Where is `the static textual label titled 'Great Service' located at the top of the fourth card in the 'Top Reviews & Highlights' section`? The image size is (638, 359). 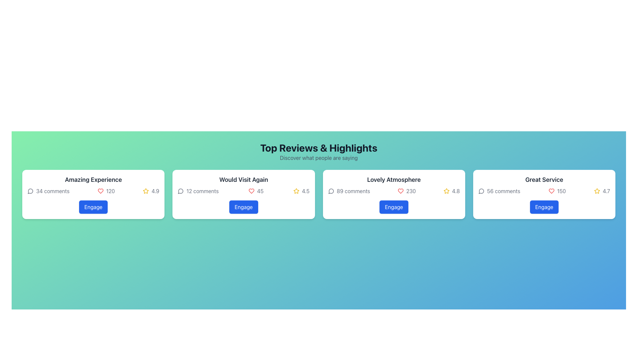 the static textual label titled 'Great Service' located at the top of the fourth card in the 'Top Reviews & Highlights' section is located at coordinates (544, 179).